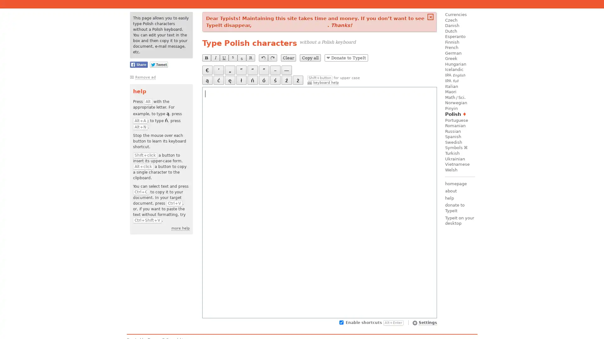 This screenshot has height=339, width=604. I want to click on redo last undone operation (Ctrl+Y), so click(272, 58).